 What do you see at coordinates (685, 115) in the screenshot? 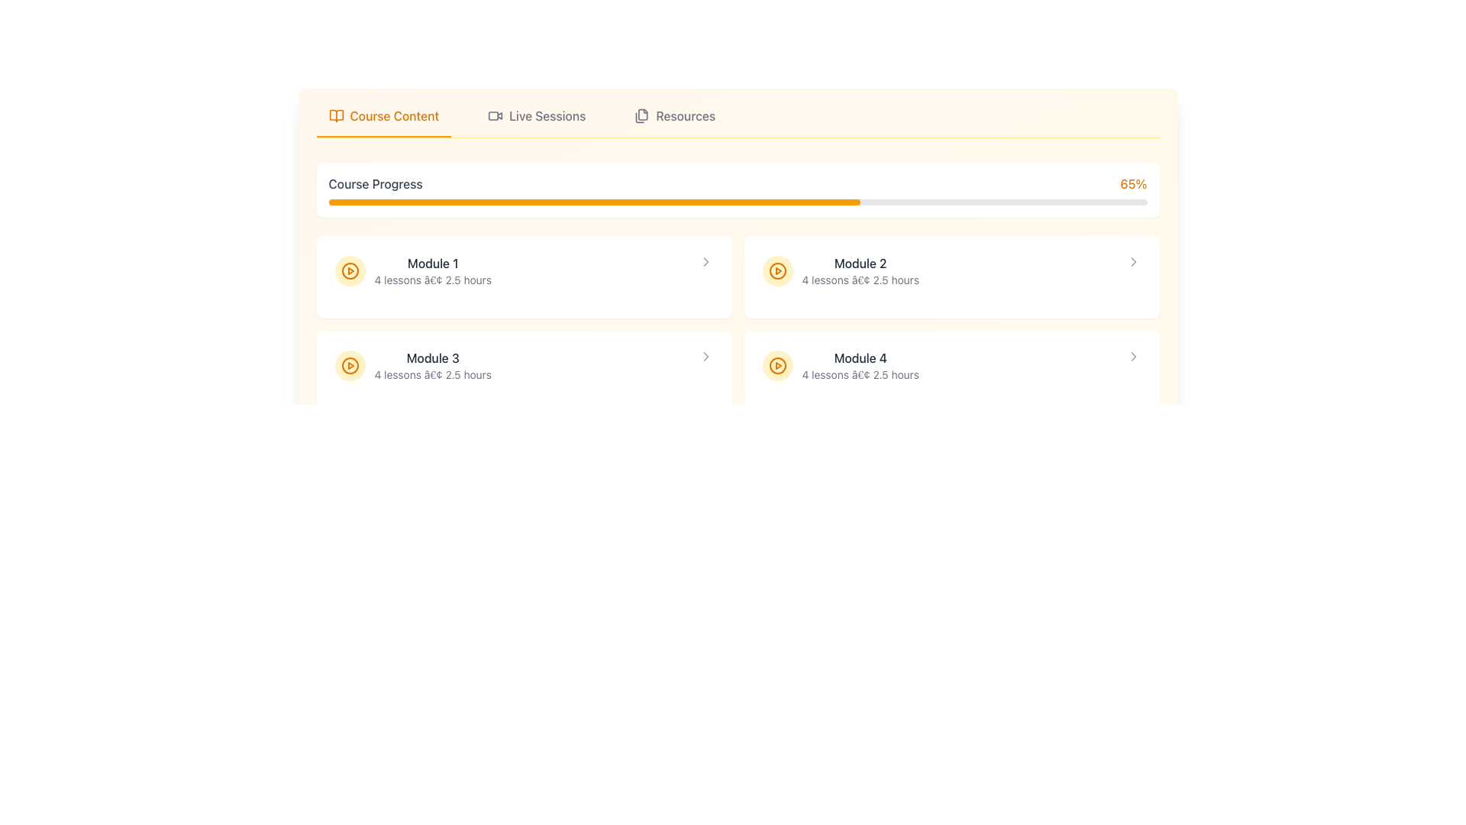
I see `the 'Resources' text label located in the navigation bar at the top right of the interface` at bounding box center [685, 115].